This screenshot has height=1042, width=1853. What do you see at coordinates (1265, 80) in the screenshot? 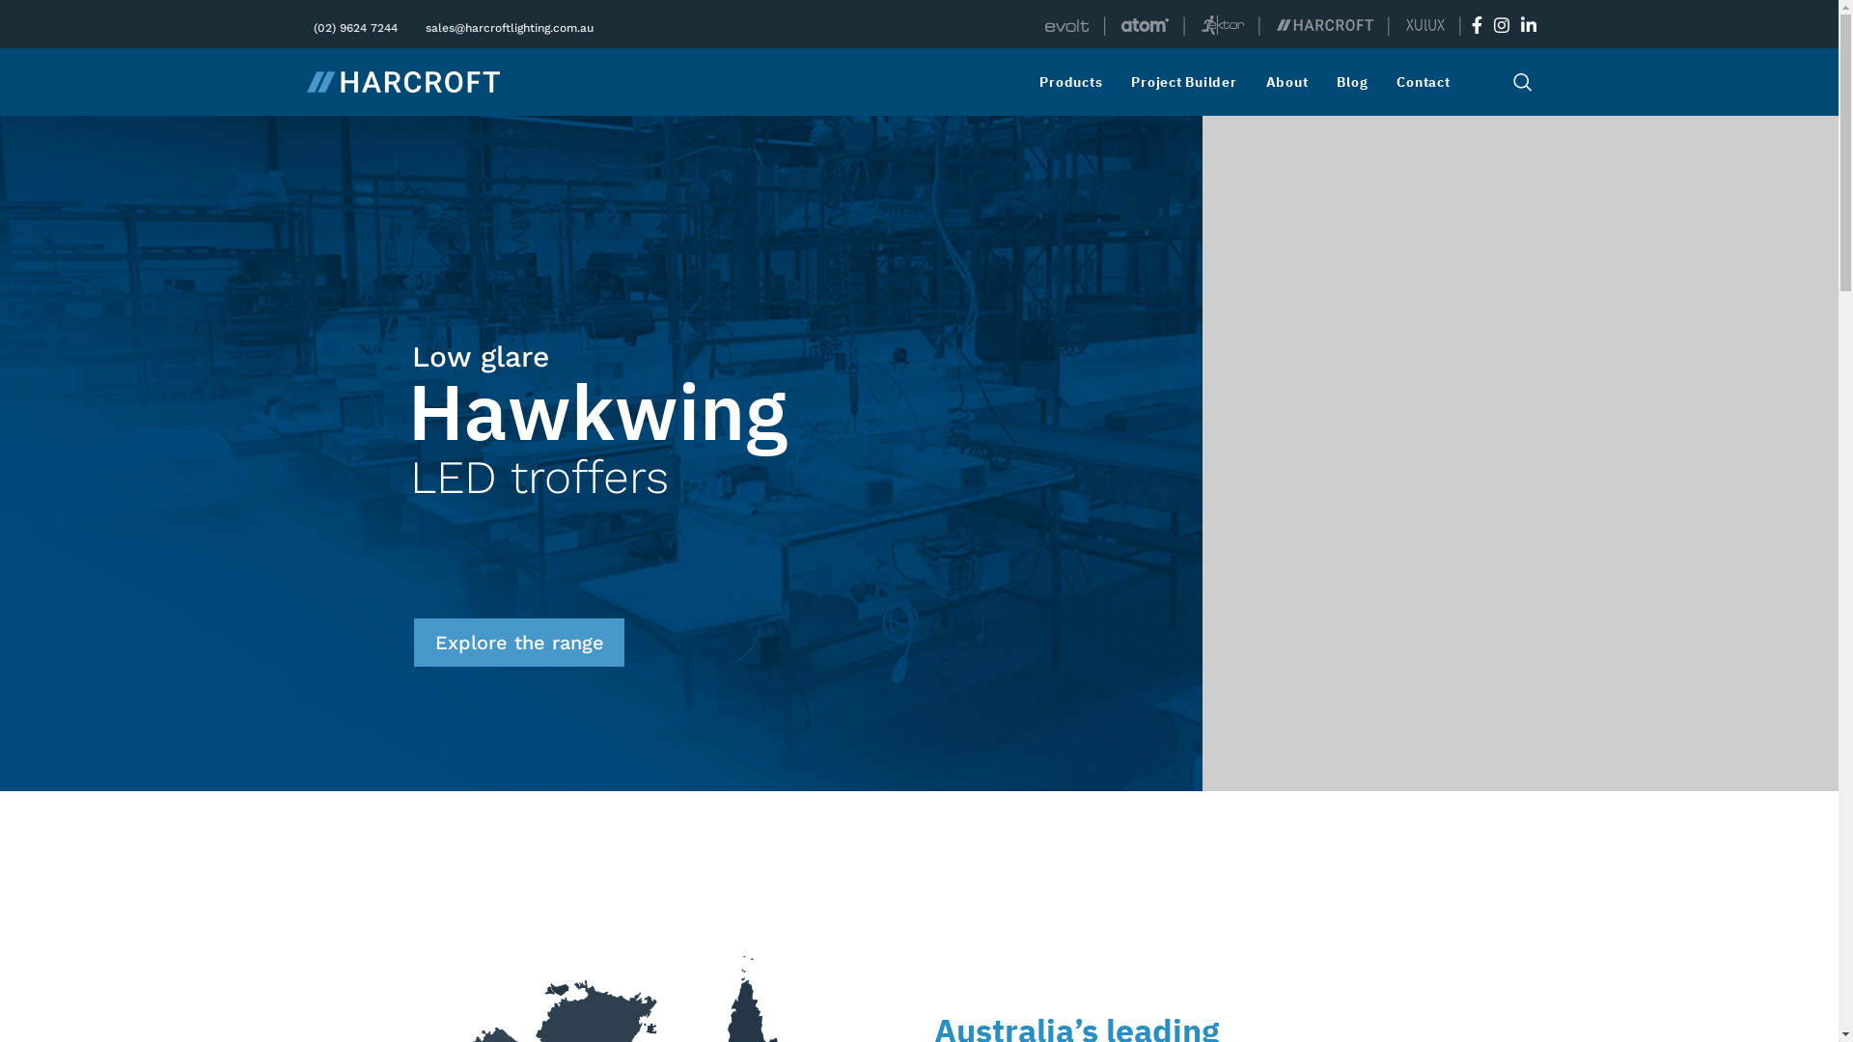
I see `'About'` at bounding box center [1265, 80].